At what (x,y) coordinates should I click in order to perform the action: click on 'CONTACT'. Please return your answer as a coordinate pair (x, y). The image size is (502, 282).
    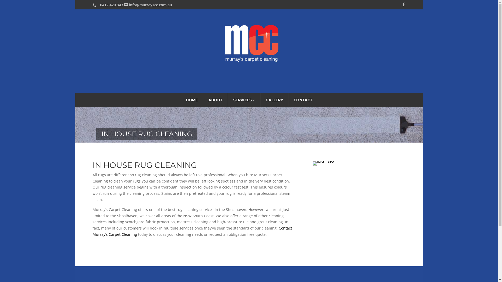
    Looking at the image, I should click on (303, 100).